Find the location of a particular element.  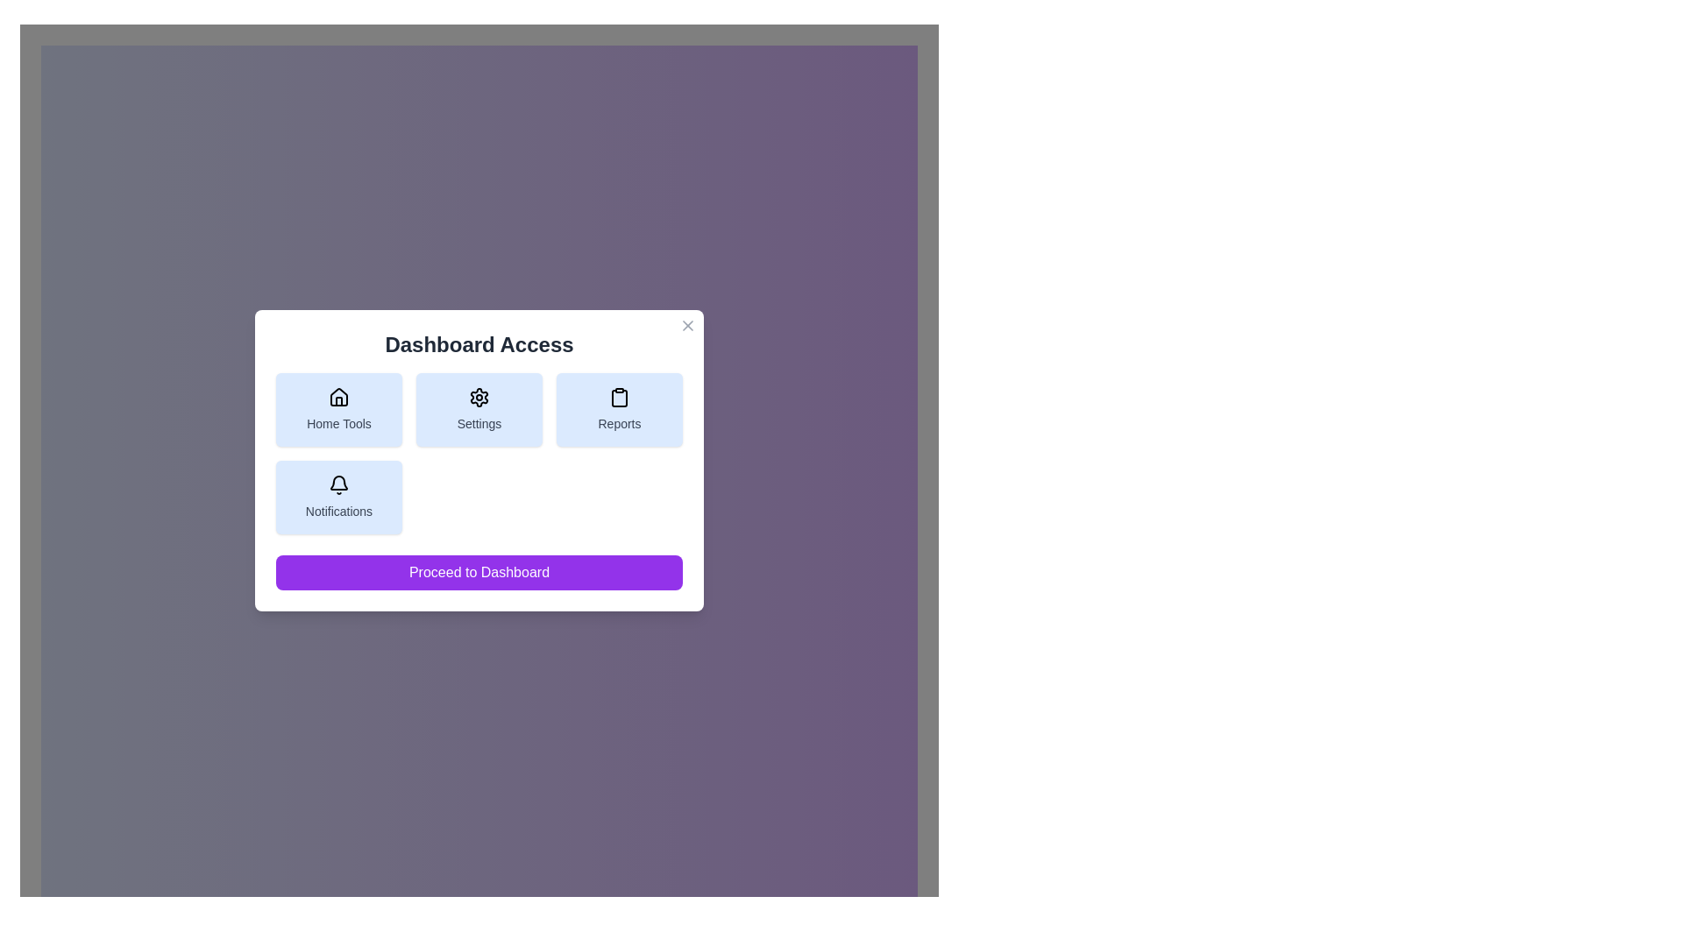

the navigational button in the 'Dashboard Access' card is located at coordinates (619, 409).